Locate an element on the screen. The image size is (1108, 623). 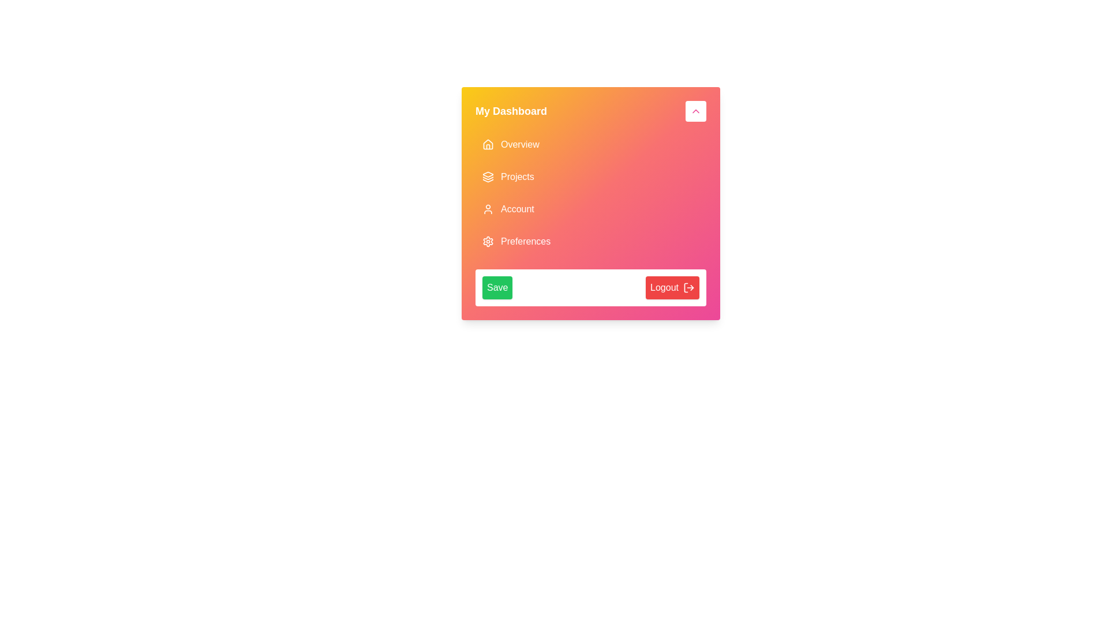
the 'Projects' navigation label located in the second row of the vertical menu is located at coordinates (516, 177).